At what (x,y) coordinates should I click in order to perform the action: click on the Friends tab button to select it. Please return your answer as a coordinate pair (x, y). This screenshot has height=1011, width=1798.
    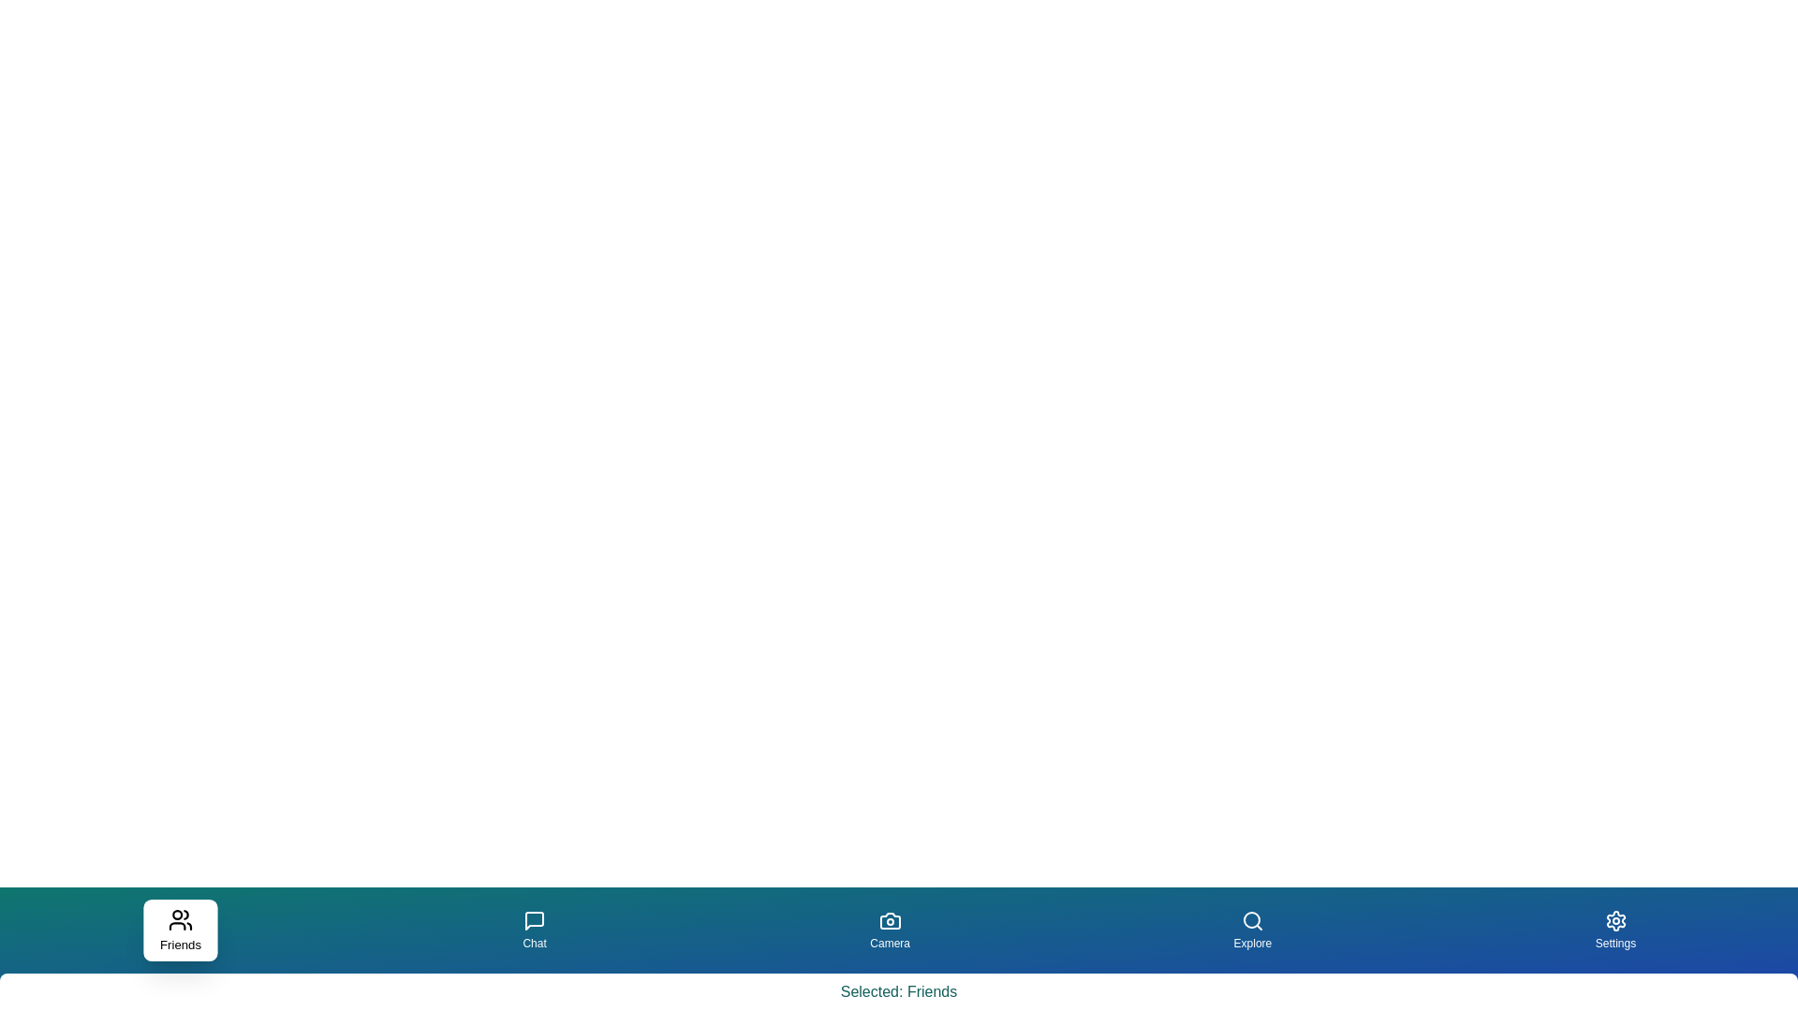
    Looking at the image, I should click on (180, 930).